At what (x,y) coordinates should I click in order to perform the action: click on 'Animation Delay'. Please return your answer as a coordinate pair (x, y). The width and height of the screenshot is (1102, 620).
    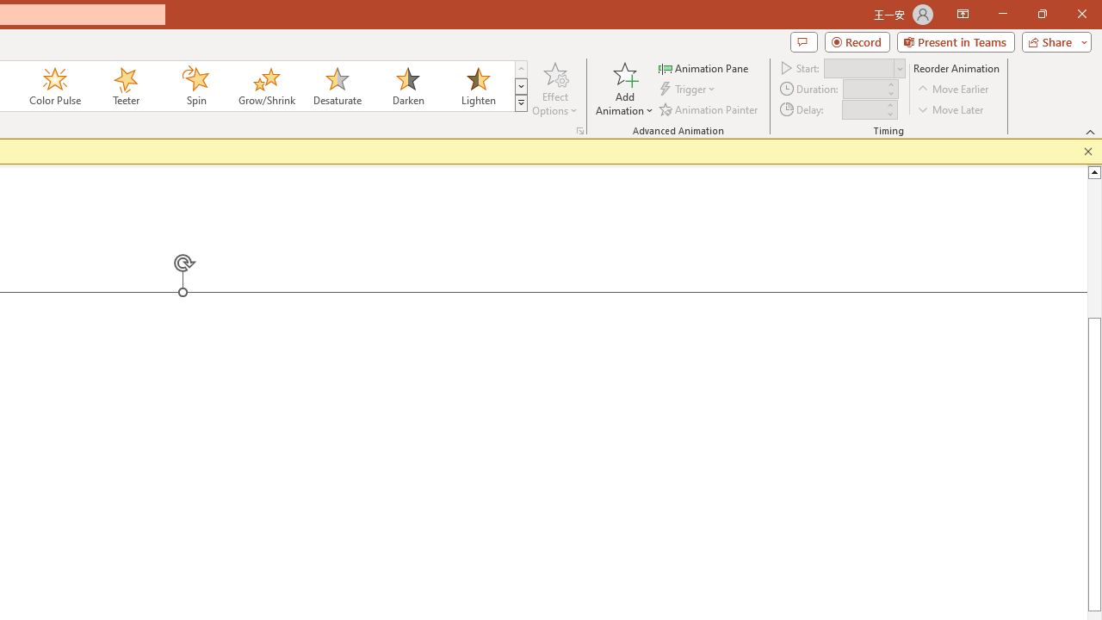
    Looking at the image, I should click on (863, 109).